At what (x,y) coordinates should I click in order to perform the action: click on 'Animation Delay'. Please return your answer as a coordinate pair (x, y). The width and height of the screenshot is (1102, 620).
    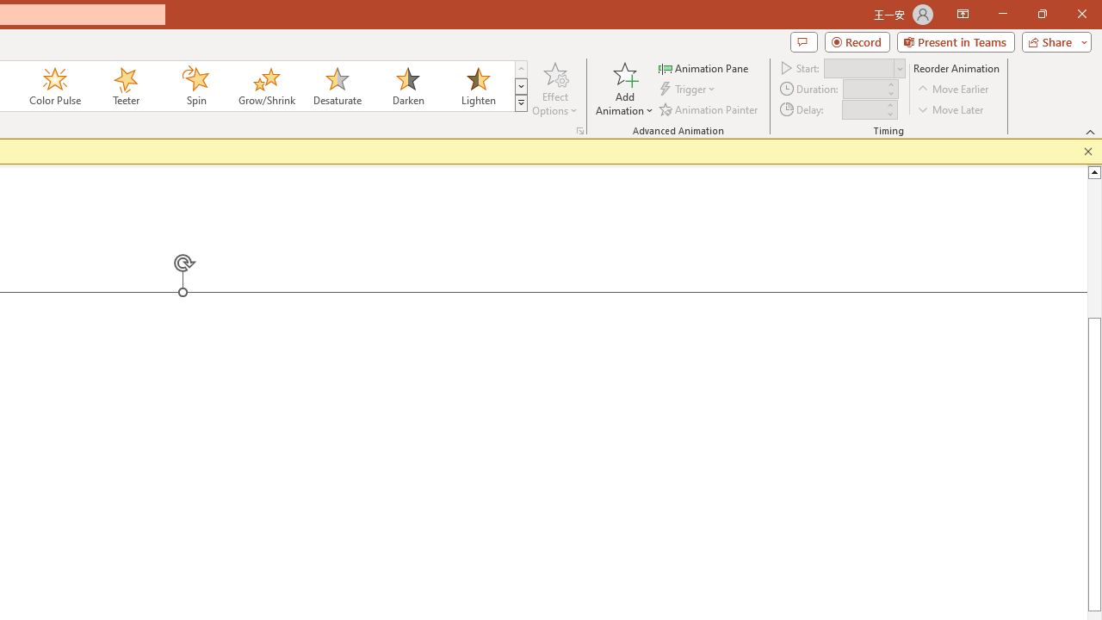
    Looking at the image, I should click on (863, 109).